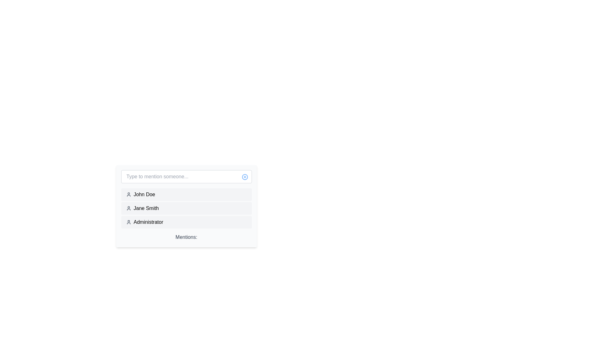  Describe the element at coordinates (244, 177) in the screenshot. I see `the circular SVG element located at the upper-right side of the interface, which serves as part of a button or interactive graphic` at that location.